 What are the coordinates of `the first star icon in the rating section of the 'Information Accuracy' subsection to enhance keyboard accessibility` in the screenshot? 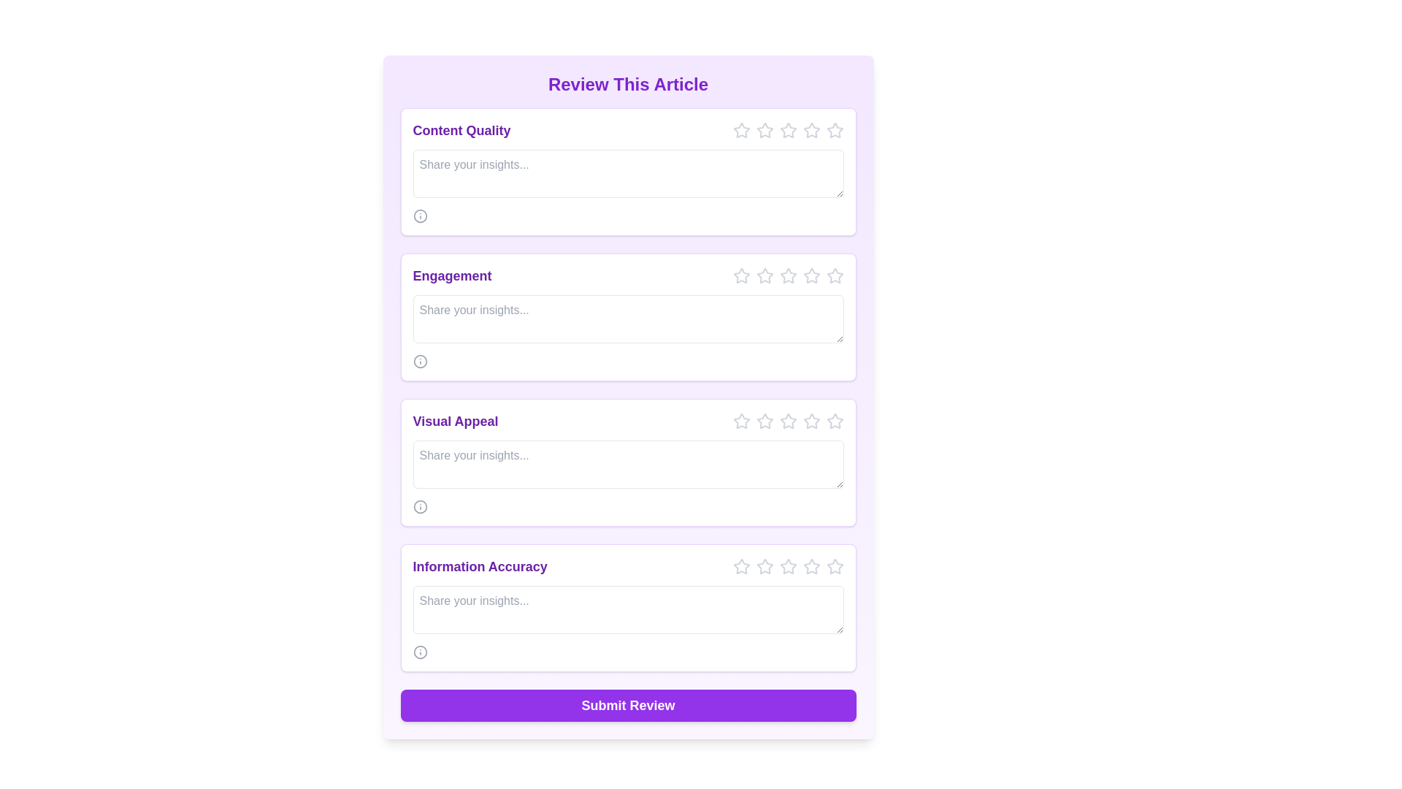 It's located at (764, 565).